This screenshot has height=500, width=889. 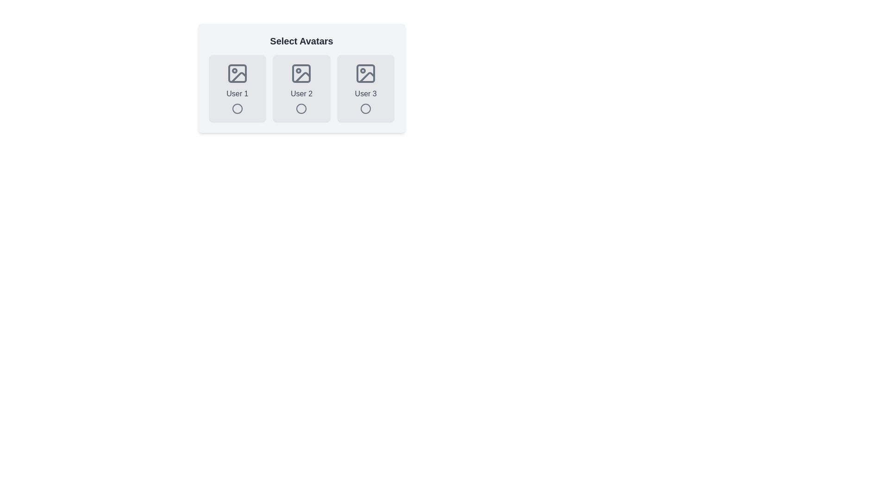 I want to click on the avatar corresponding to User 1, so click(x=237, y=88).